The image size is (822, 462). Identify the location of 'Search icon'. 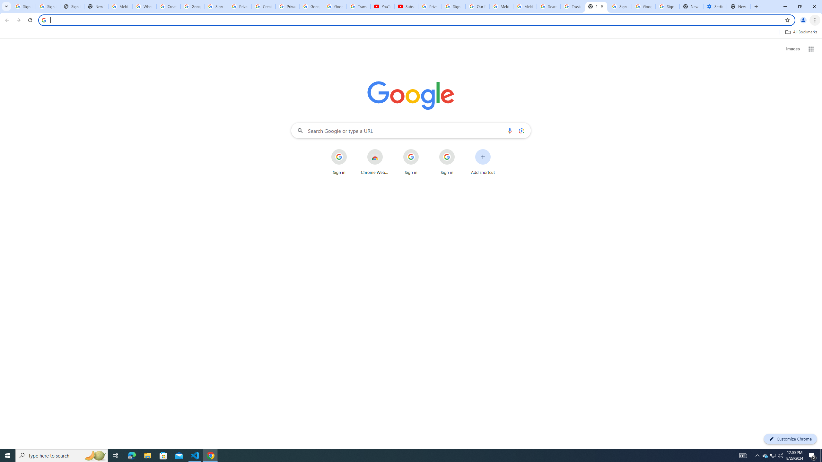
(43, 20).